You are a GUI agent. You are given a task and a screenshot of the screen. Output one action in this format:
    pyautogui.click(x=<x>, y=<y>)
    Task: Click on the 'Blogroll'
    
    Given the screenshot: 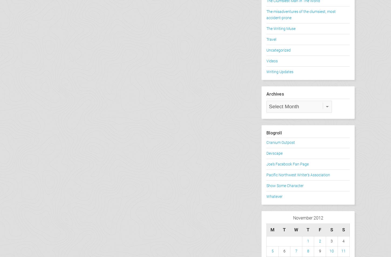 What is the action you would take?
    pyautogui.click(x=274, y=133)
    